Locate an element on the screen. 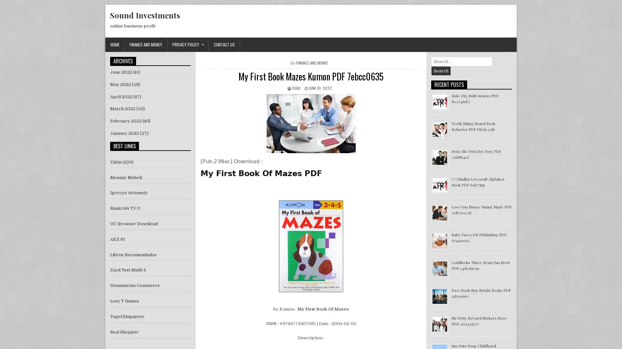  Search is located at coordinates (441, 71).